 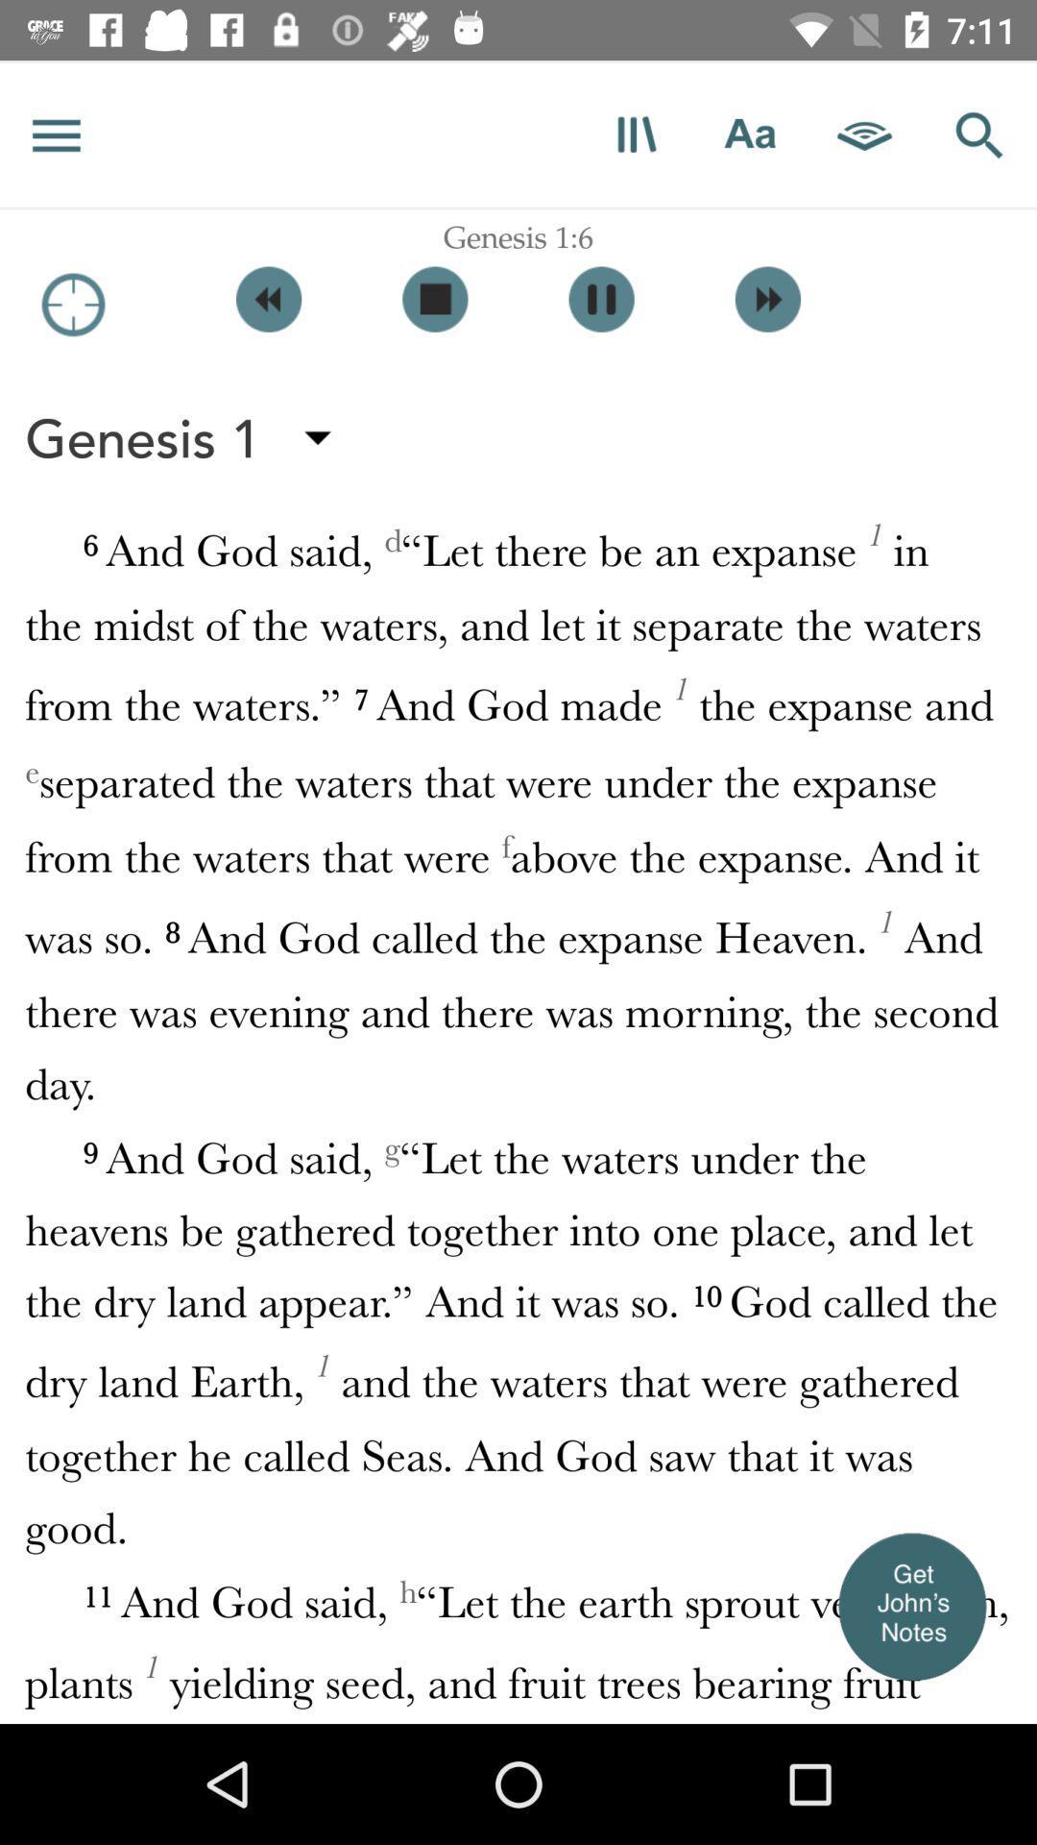 I want to click on options, so click(x=56, y=134).